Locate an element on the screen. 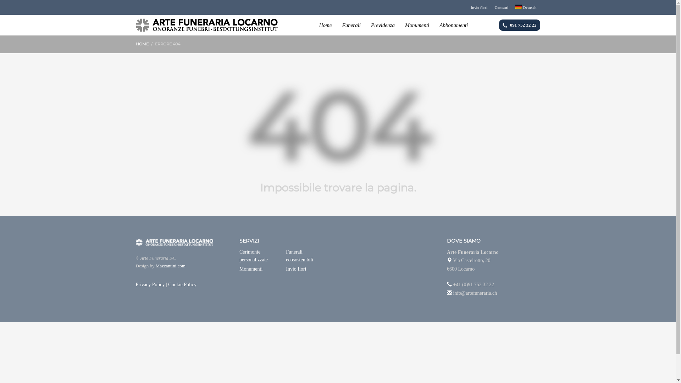  'Mazzantini.com' is located at coordinates (170, 266).